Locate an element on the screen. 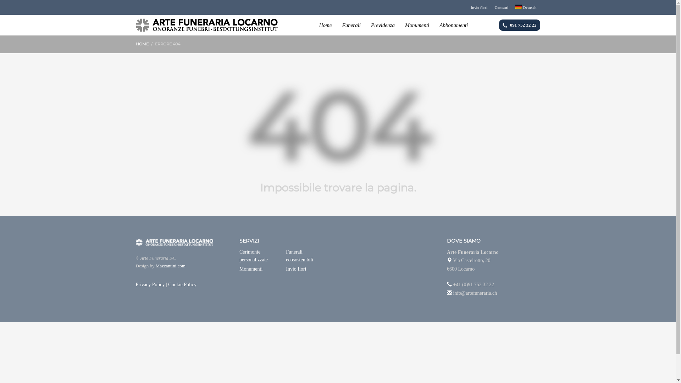  'Mazzantini.com' is located at coordinates (170, 266).